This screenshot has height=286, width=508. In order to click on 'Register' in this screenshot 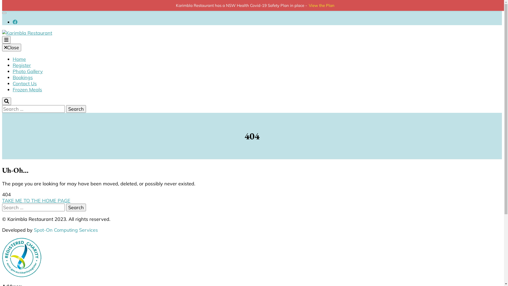, I will do `click(21, 65)`.